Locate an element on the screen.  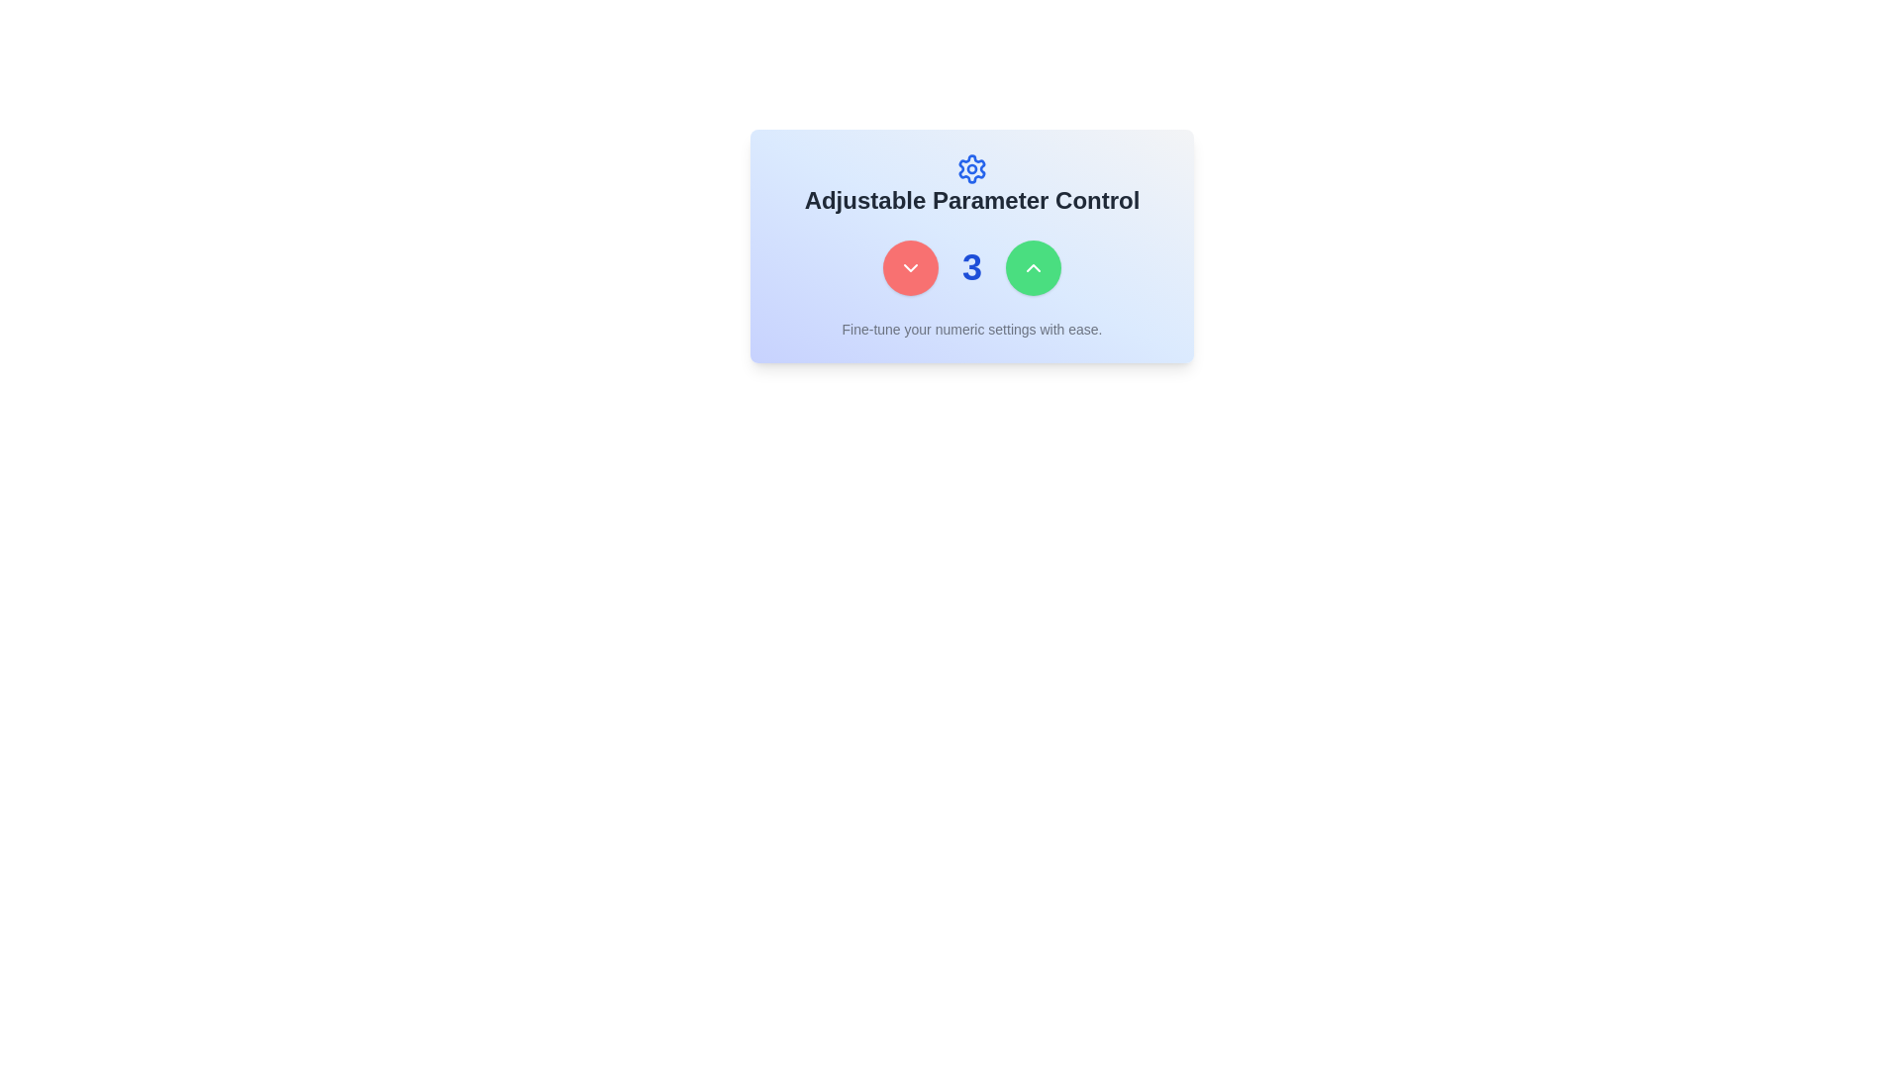
the upward-chevron icon inside the green circular button to increment the value displayed in the central numeric field '3' is located at coordinates (1033, 267).